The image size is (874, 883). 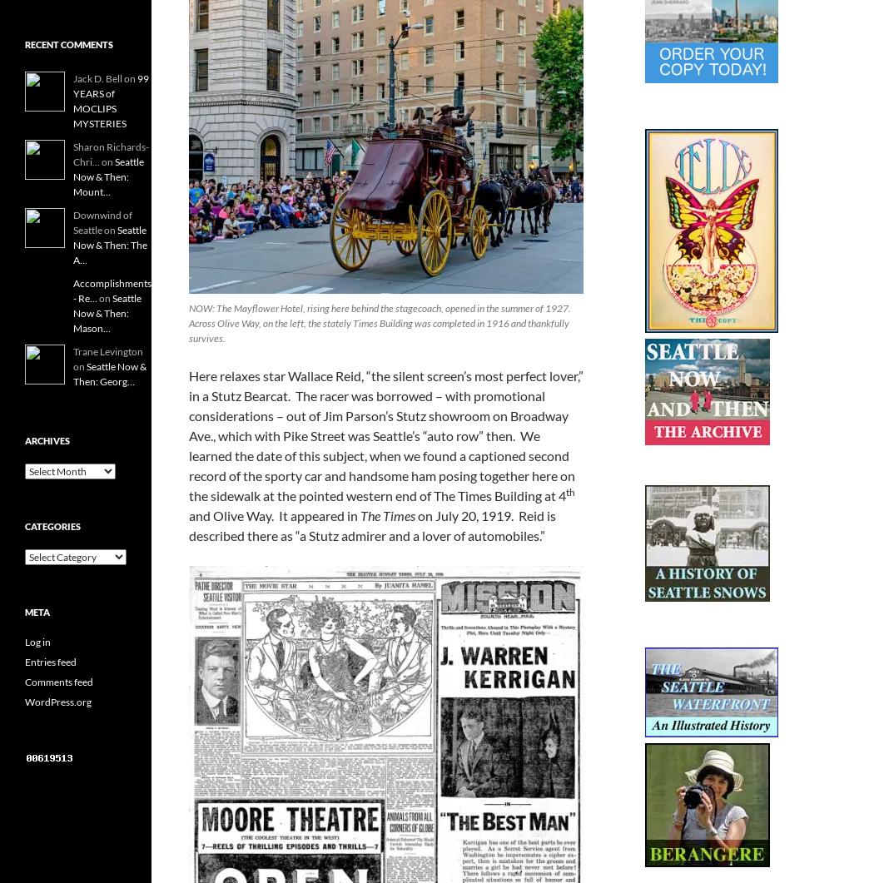 I want to click on 'th', so click(x=565, y=490).